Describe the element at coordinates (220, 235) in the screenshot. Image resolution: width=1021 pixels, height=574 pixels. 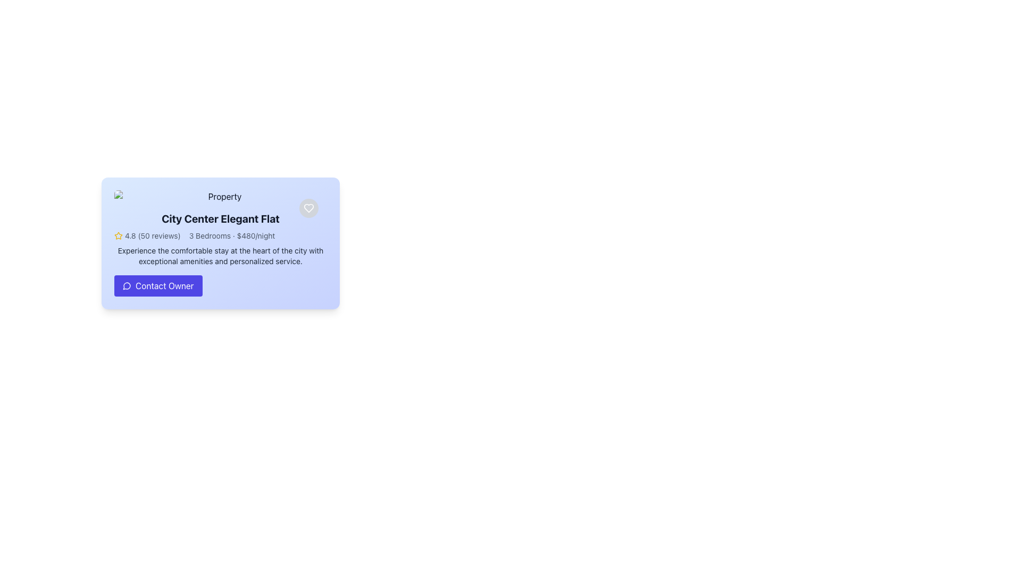
I see `the text element displaying the star rating and the information '4.8 (50 reviews) 3 Bedrooms · $480/night', located below the title 'City Center Elegant Flat' within the light blue card layout` at that location.